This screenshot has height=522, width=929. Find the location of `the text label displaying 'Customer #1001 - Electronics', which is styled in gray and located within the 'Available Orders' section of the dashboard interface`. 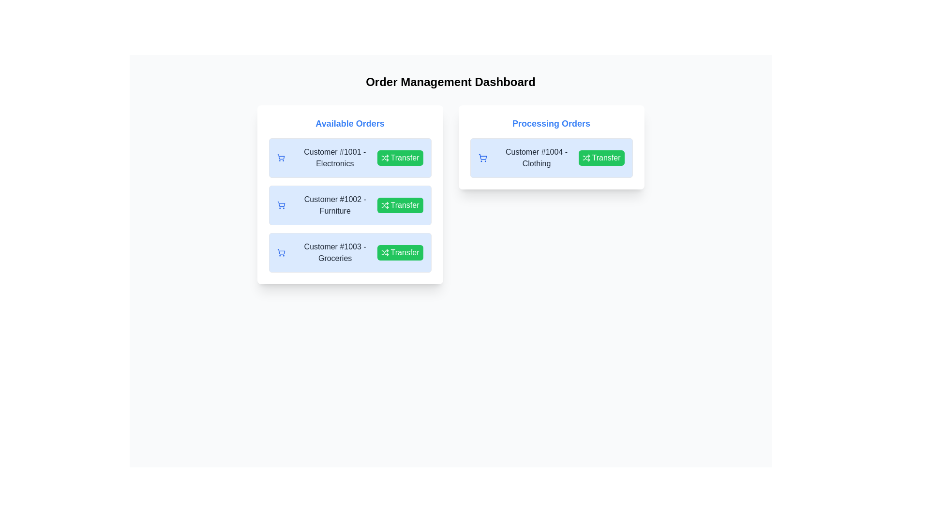

the text label displaying 'Customer #1001 - Electronics', which is styled in gray and located within the 'Available Orders' section of the dashboard interface is located at coordinates (335, 158).